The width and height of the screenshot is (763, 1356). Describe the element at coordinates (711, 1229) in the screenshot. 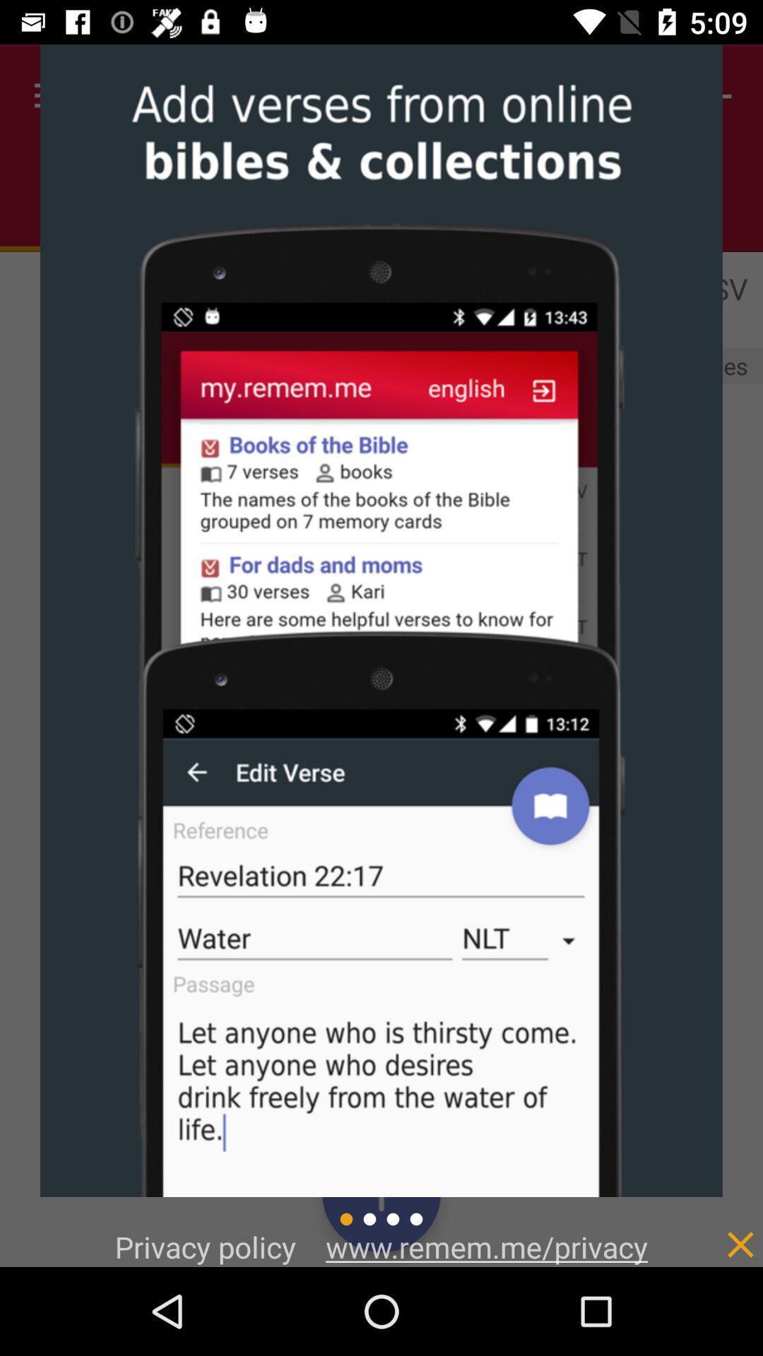

I see `item to the right of www remem me icon` at that location.